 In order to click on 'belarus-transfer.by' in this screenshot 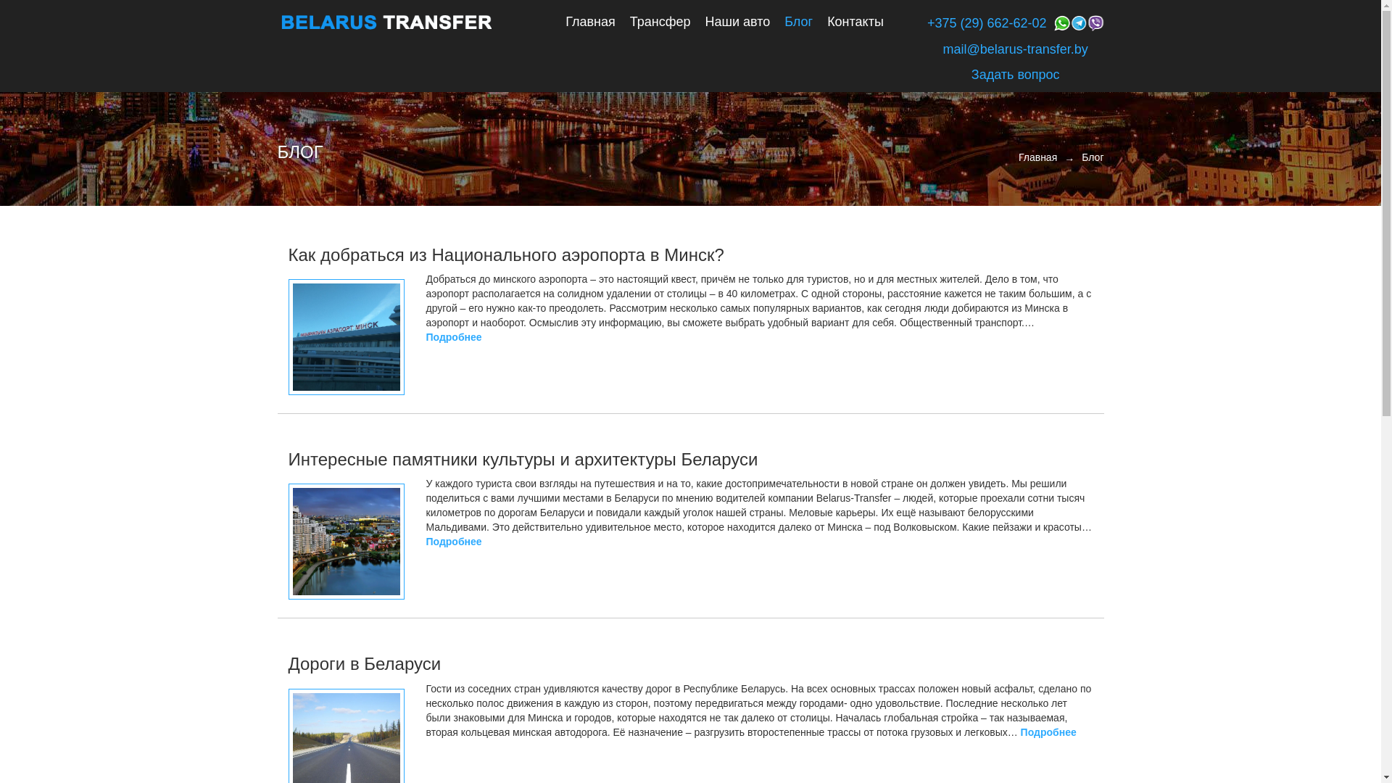, I will do `click(386, 22)`.